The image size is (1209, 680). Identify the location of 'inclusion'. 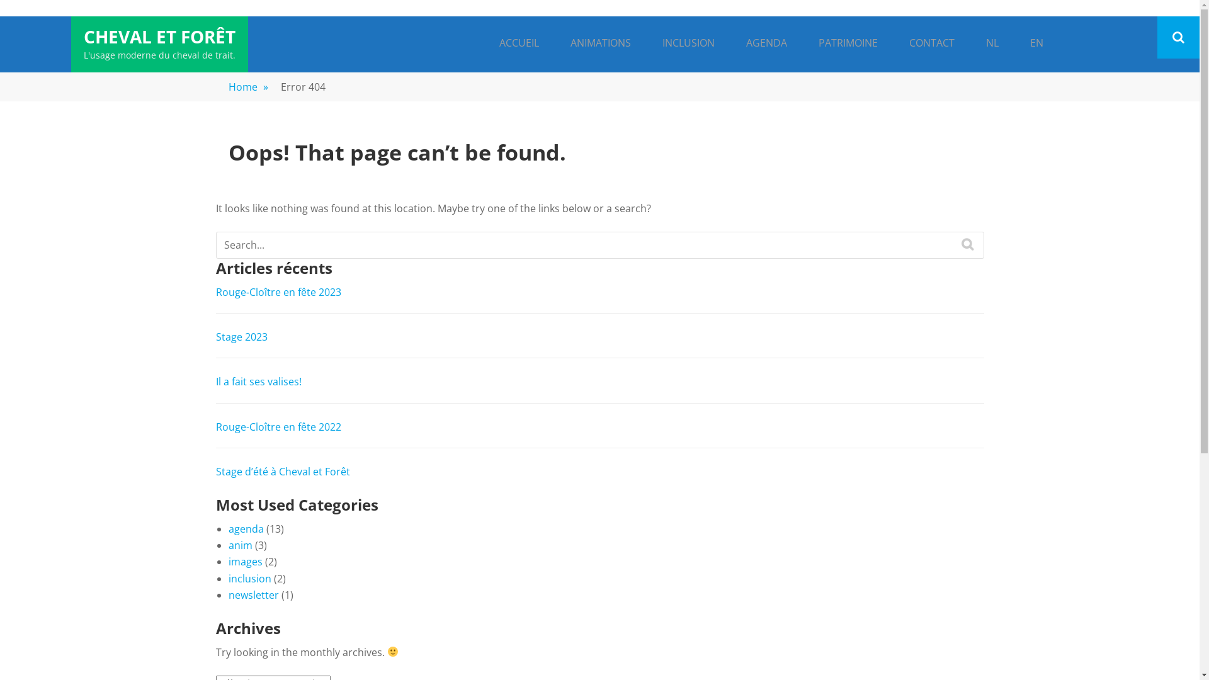
(249, 578).